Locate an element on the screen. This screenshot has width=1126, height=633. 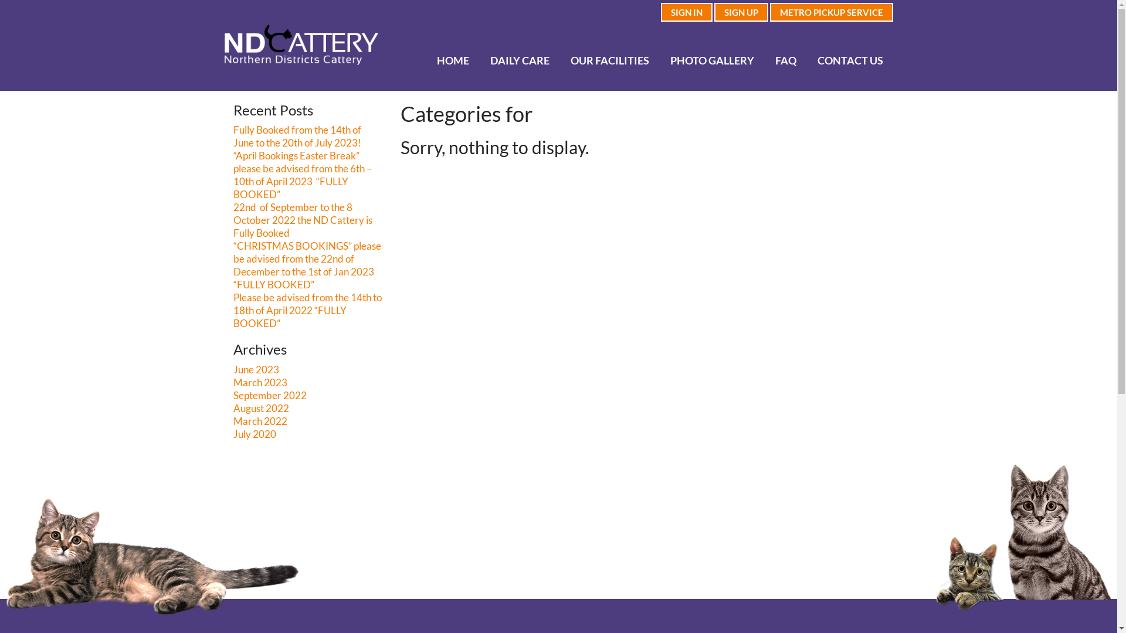
'August 2022' is located at coordinates (260, 408).